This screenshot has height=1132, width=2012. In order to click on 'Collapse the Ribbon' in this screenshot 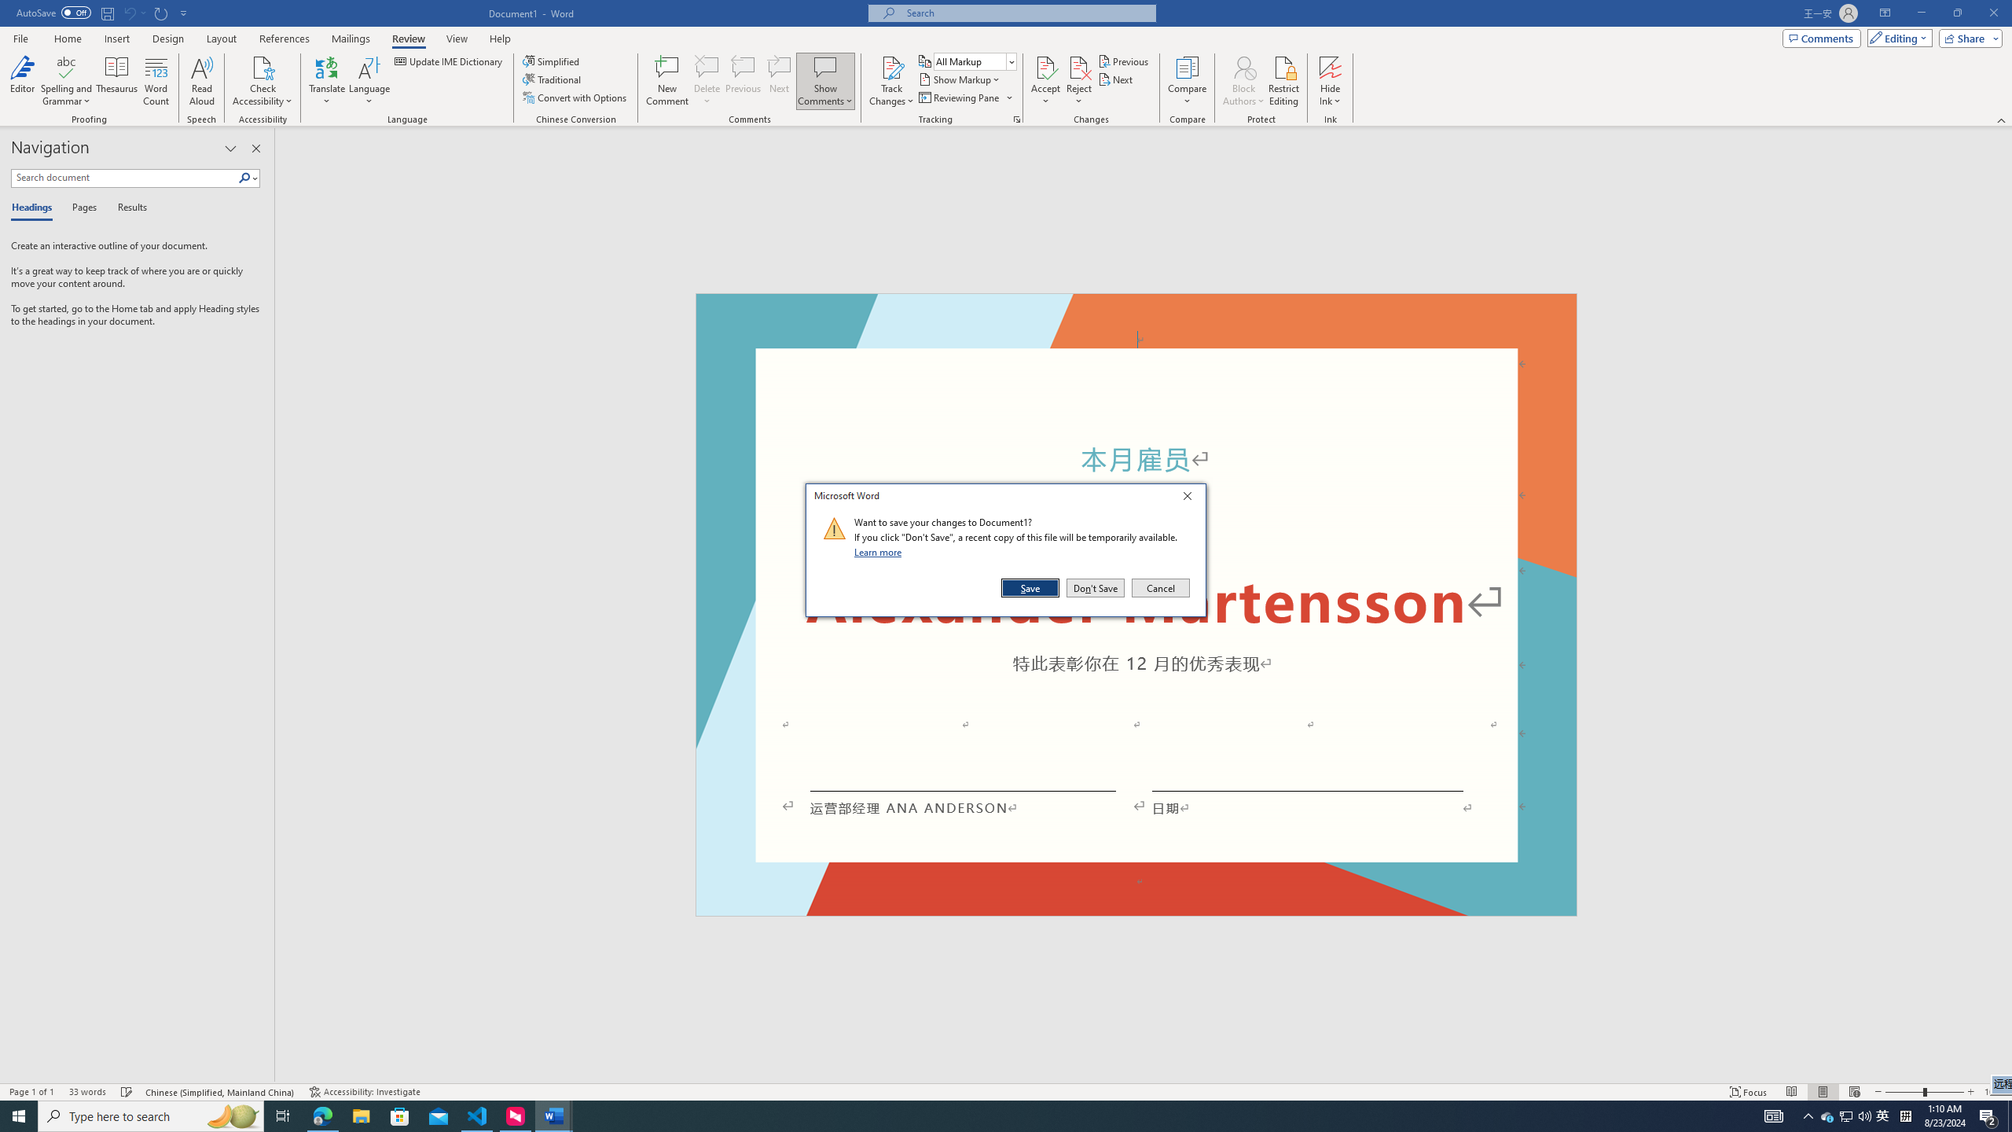, I will do `click(2002, 120)`.